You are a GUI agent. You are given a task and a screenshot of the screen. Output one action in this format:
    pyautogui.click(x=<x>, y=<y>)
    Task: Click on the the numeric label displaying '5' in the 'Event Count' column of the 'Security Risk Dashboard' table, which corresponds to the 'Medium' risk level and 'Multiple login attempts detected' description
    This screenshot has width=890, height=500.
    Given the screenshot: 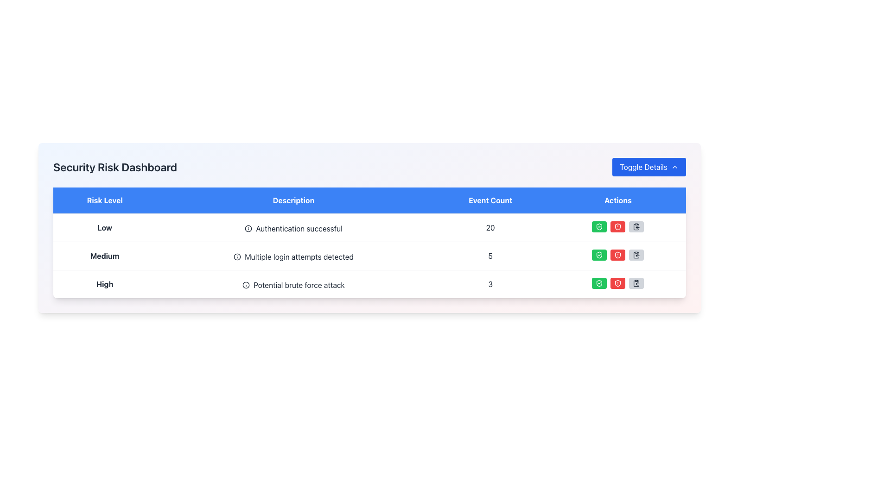 What is the action you would take?
    pyautogui.click(x=490, y=256)
    